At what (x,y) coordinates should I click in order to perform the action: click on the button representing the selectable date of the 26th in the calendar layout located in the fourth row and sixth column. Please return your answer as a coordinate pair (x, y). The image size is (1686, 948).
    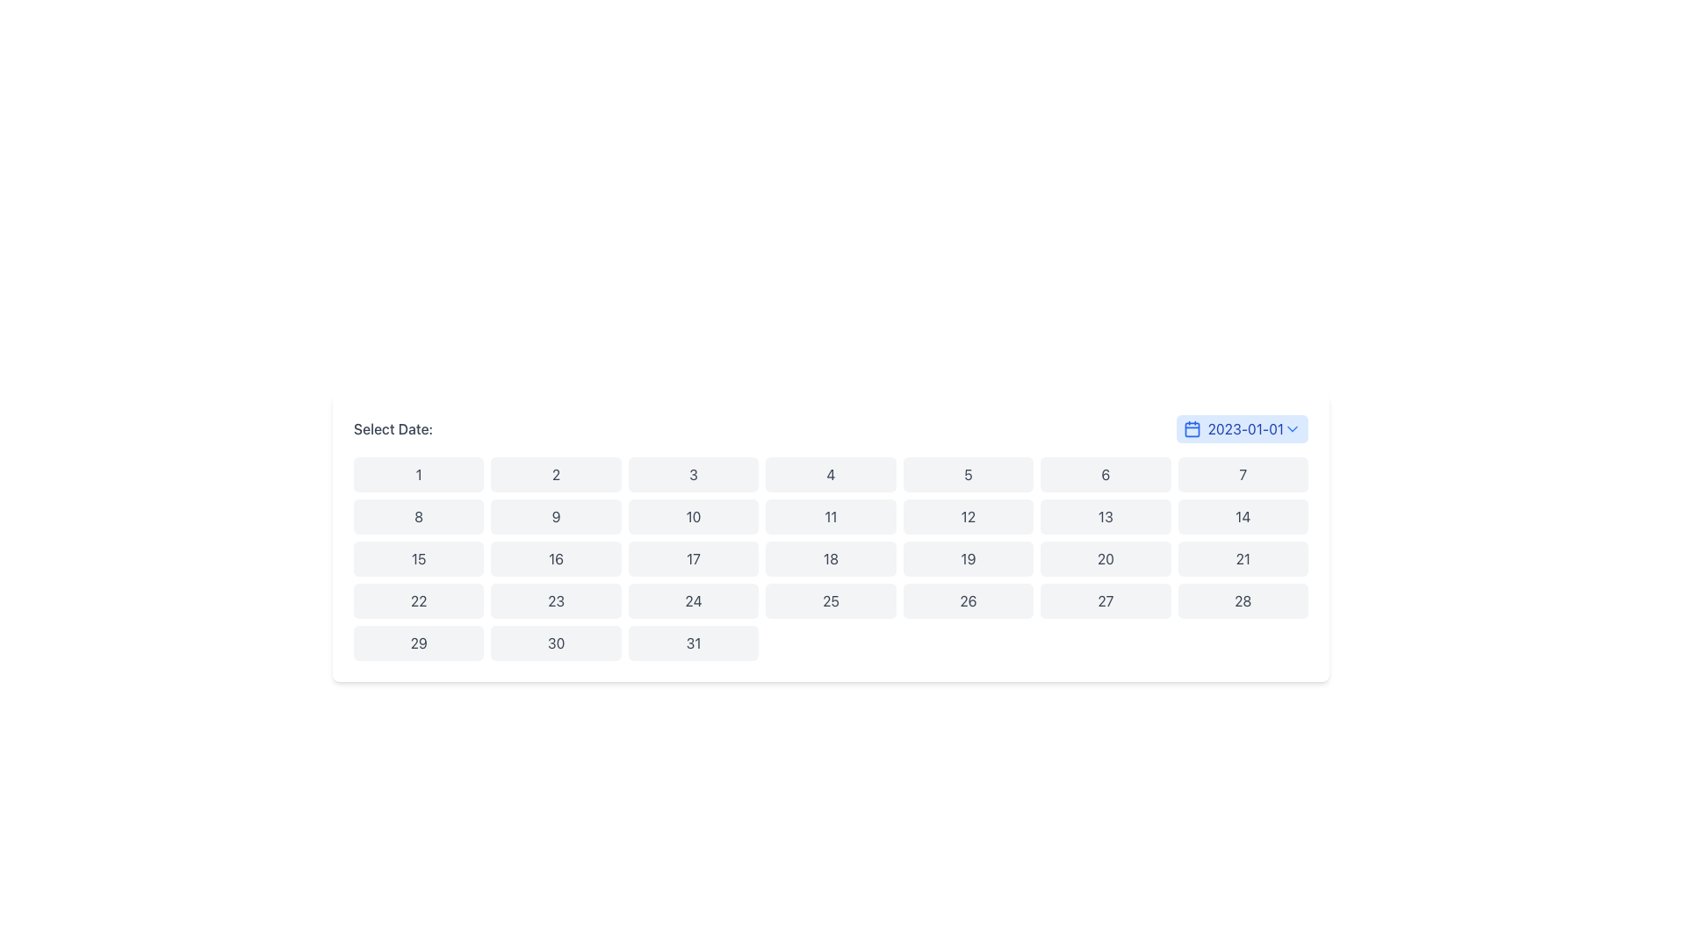
    Looking at the image, I should click on (967, 600).